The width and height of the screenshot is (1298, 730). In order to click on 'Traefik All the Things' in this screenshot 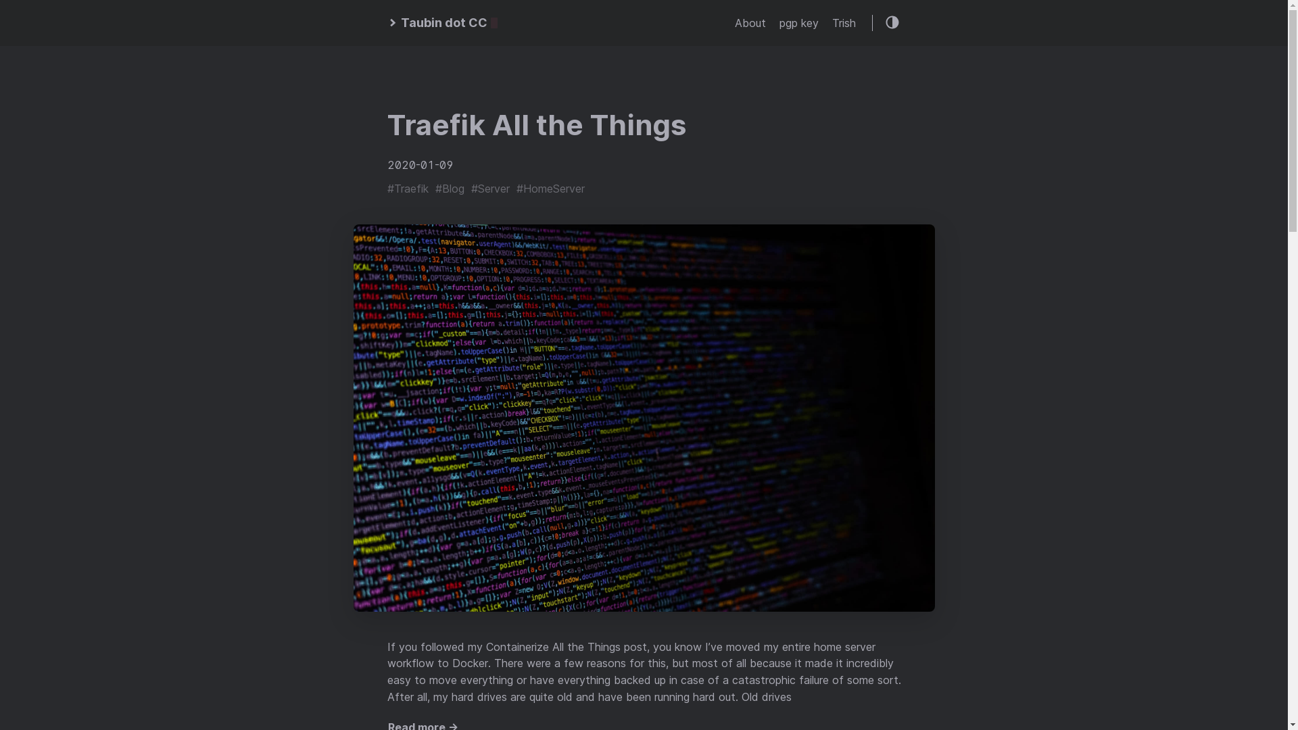, I will do `click(535, 124)`.